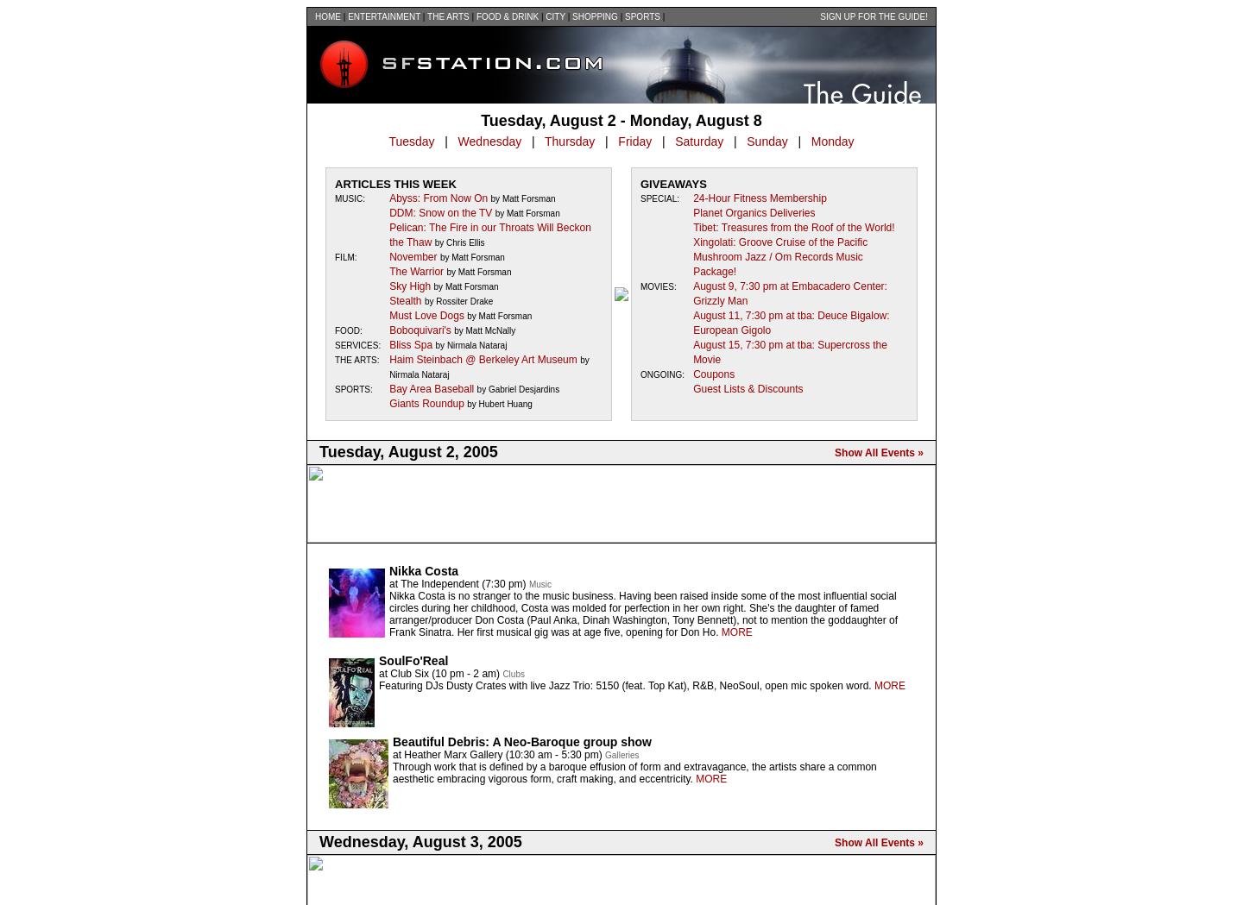 This screenshot has height=905, width=1243. What do you see at coordinates (333, 389) in the screenshot?
I see `'SPORTS:'` at bounding box center [333, 389].